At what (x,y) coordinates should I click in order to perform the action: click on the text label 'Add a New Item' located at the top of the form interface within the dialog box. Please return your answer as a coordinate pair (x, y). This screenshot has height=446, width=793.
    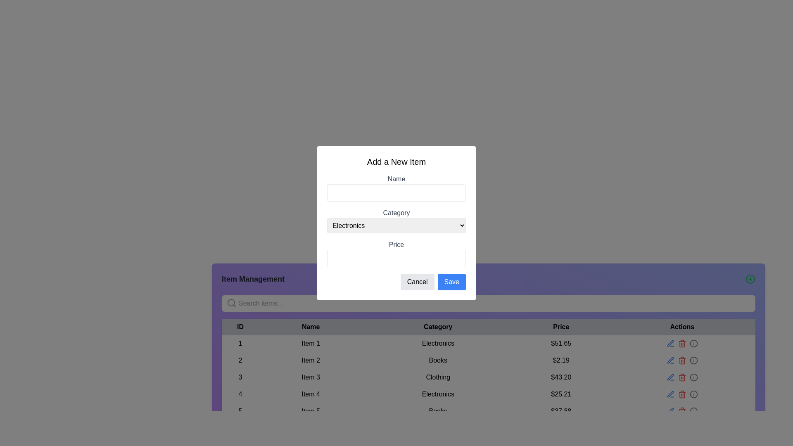
    Looking at the image, I should click on (396, 161).